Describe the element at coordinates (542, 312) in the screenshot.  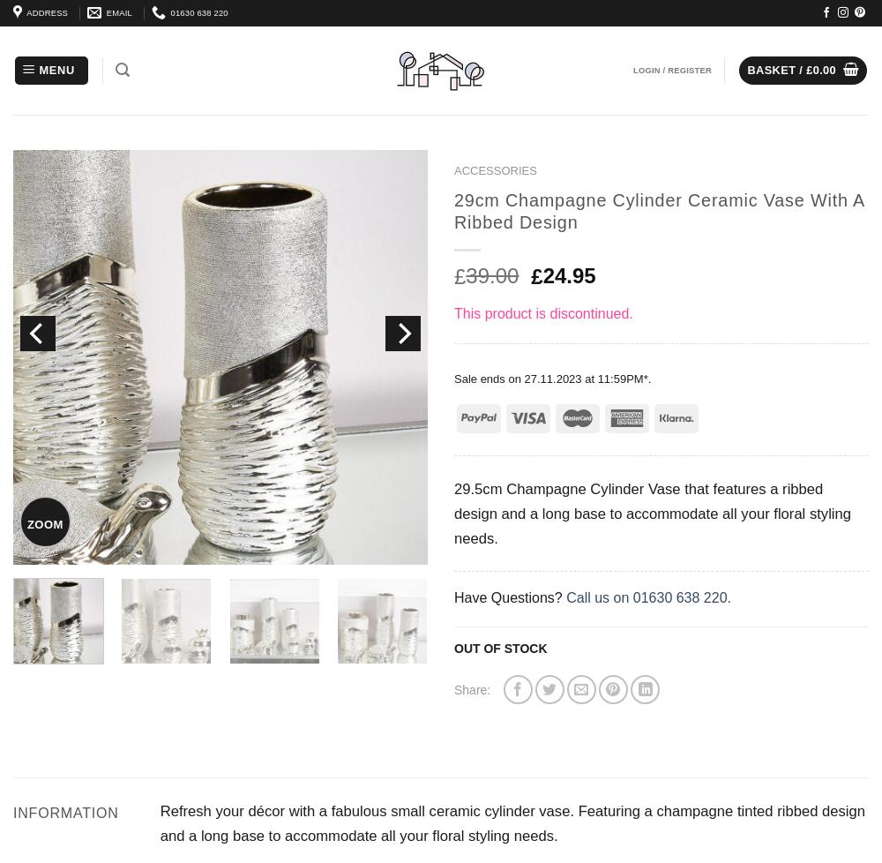
I see `'This product is discontinued.'` at that location.